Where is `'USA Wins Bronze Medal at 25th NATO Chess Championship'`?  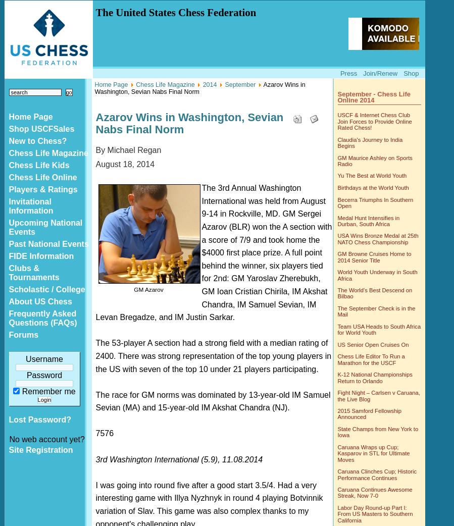
'USA Wins Bronze Medal at 25th NATO Chess Championship' is located at coordinates (377, 238).